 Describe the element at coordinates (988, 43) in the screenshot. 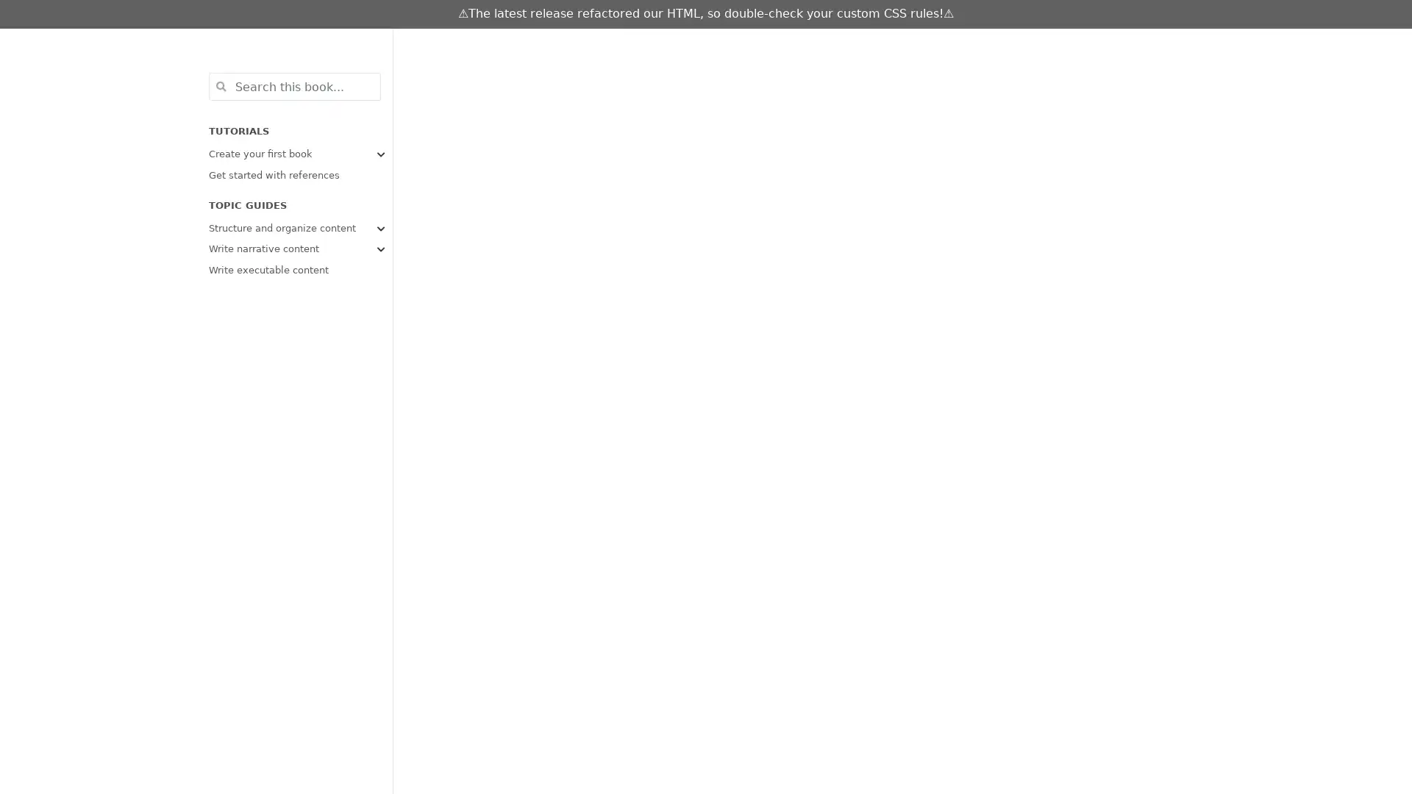

I see `Download this page` at that location.